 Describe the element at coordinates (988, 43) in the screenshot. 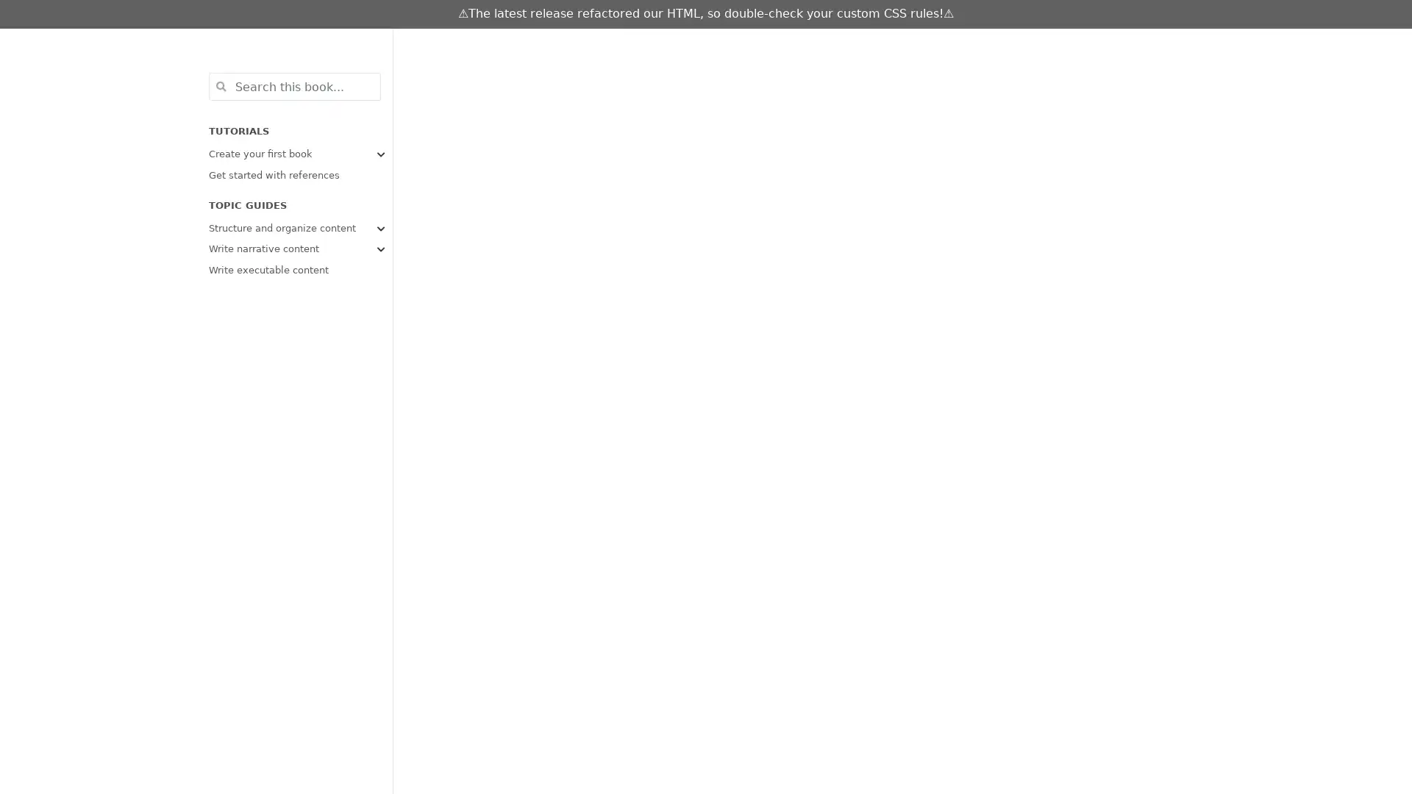

I see `Download this page` at that location.